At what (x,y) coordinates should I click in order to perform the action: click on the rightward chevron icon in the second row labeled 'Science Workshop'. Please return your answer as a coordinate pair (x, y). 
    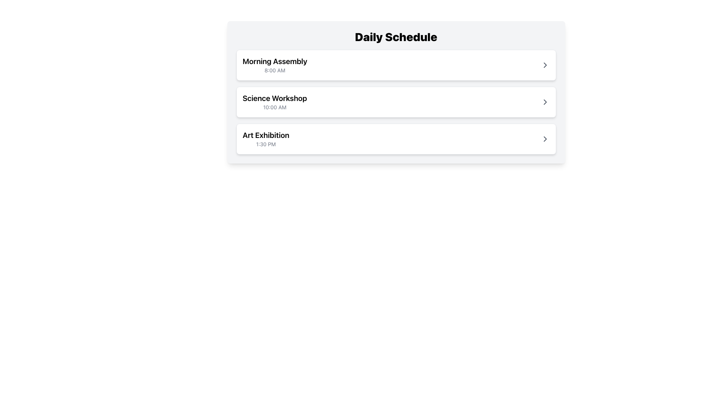
    Looking at the image, I should click on (545, 102).